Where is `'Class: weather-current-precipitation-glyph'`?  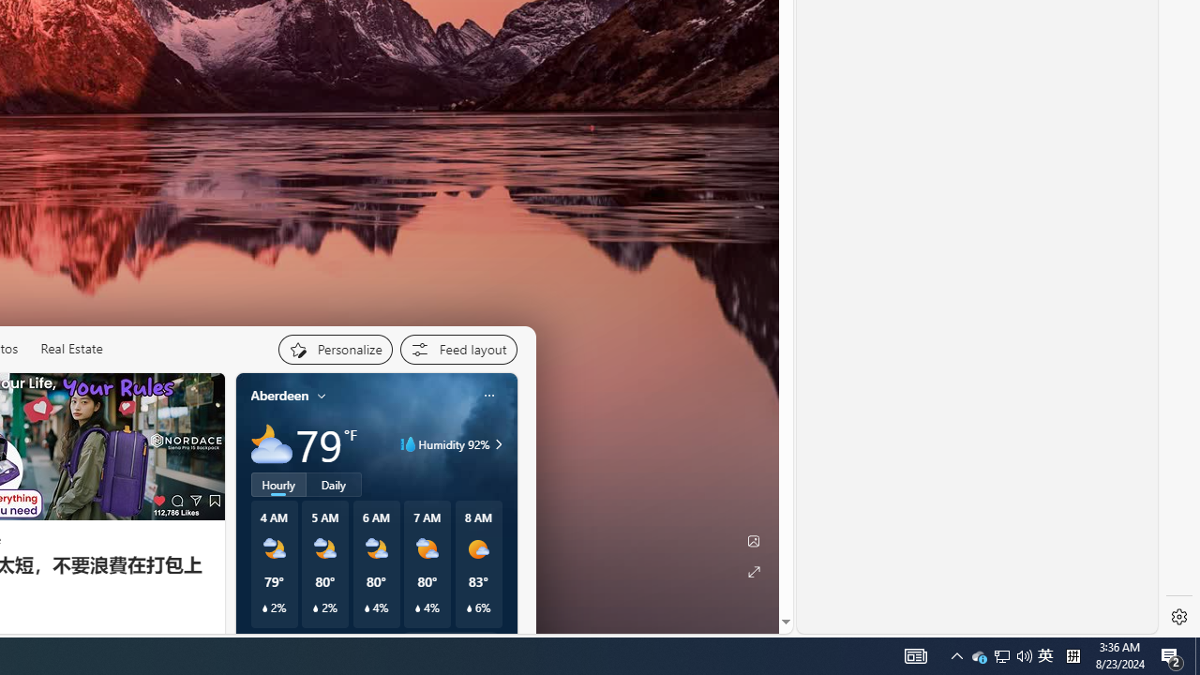
'Class: weather-current-precipitation-glyph' is located at coordinates (469, 608).